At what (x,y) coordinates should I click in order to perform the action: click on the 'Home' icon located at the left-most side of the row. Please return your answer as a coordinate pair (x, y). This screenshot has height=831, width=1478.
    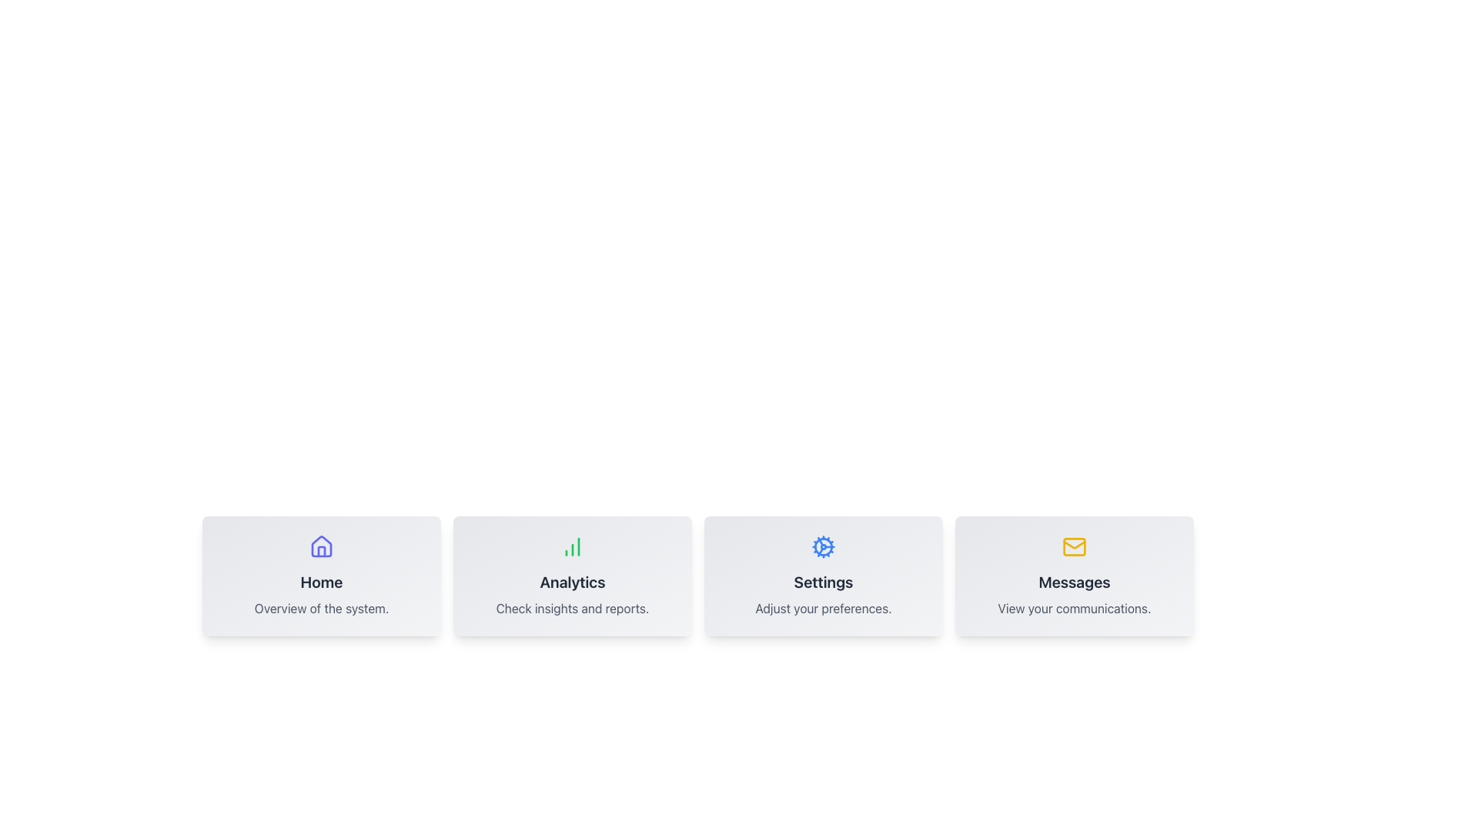
    Looking at the image, I should click on (320, 546).